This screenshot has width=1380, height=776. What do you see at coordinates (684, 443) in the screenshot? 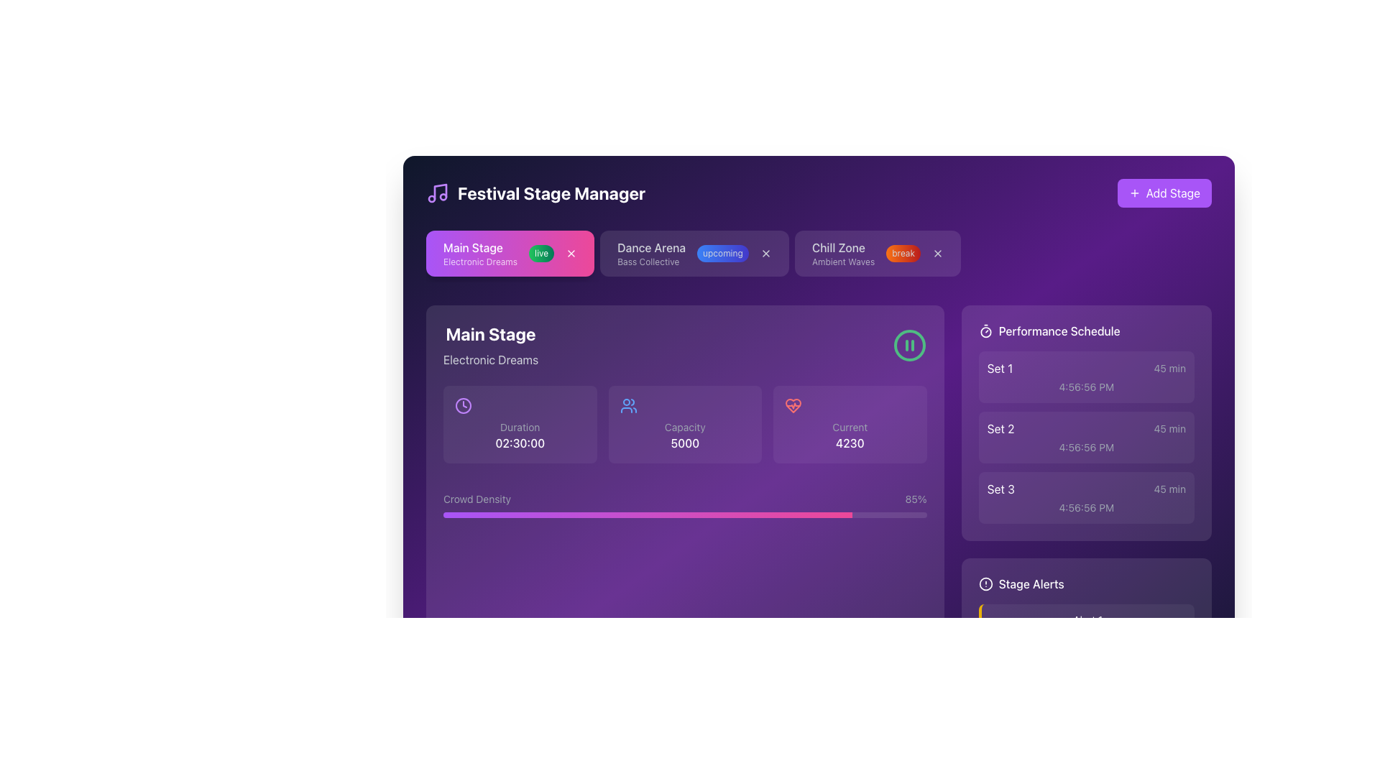
I see `the static text displaying '5000', which is styled in white font on a purple background and located under the 'Capacity' label` at bounding box center [684, 443].